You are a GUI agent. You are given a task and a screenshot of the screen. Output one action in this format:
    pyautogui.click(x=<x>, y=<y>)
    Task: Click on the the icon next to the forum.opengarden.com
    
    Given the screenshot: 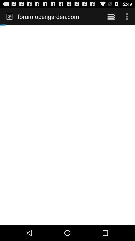 What is the action you would take?
    pyautogui.click(x=111, y=16)
    